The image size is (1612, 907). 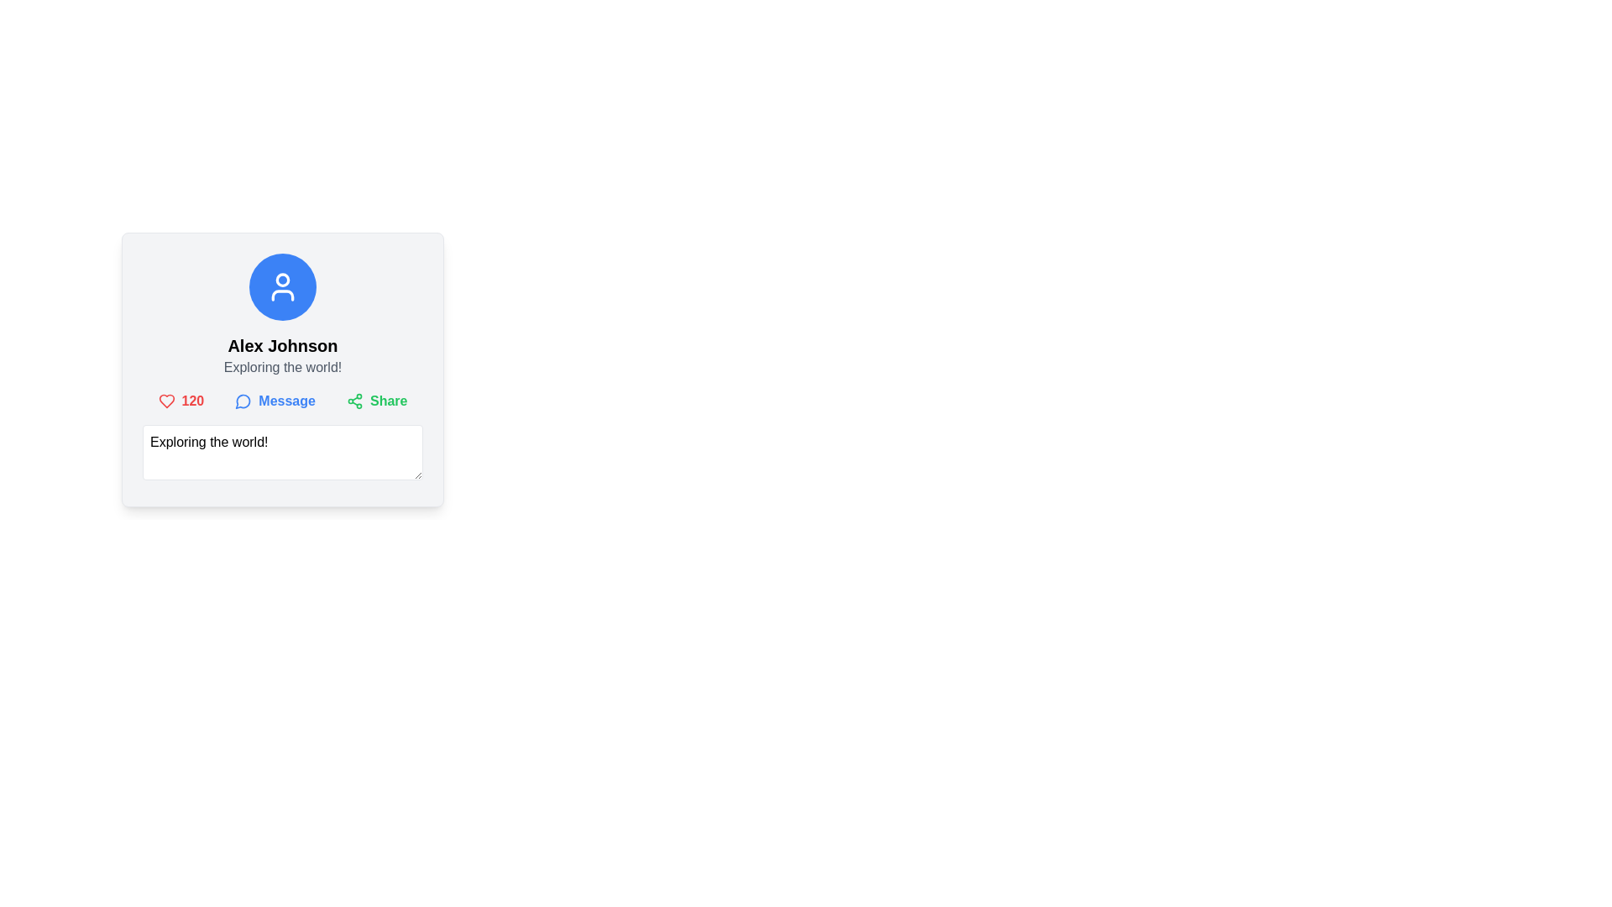 I want to click on the text display element that shows 'Exploring the world!' positioned beneath 'Alex Johnson', so click(x=282, y=367).